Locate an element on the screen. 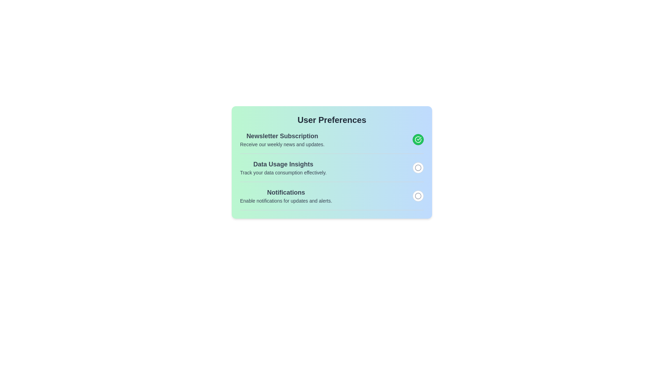 The image size is (668, 376). the labeled option with a toggle switch for data usage insights, located in the 'User Preferences' section between 'Newsletter Subscription' and 'Notifications' is located at coordinates (332, 170).